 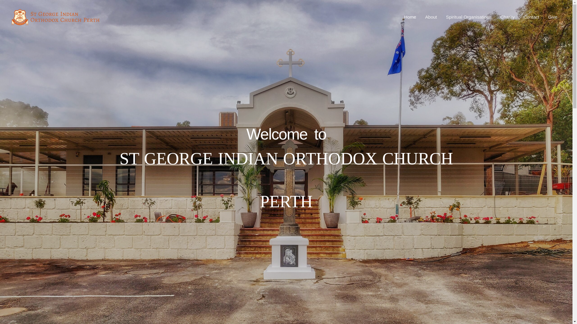 What do you see at coordinates (553, 17) in the screenshot?
I see `'Give'` at bounding box center [553, 17].